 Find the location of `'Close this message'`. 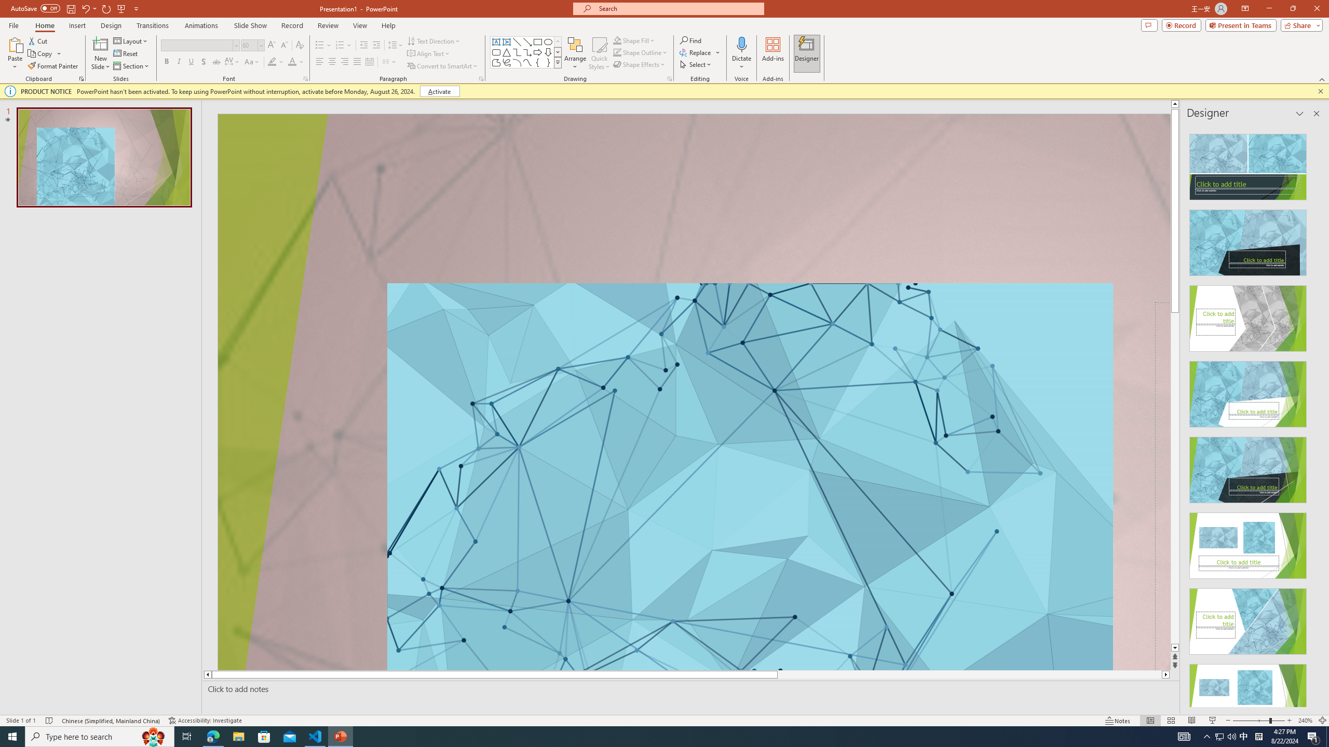

'Close this message' is located at coordinates (1320, 91).